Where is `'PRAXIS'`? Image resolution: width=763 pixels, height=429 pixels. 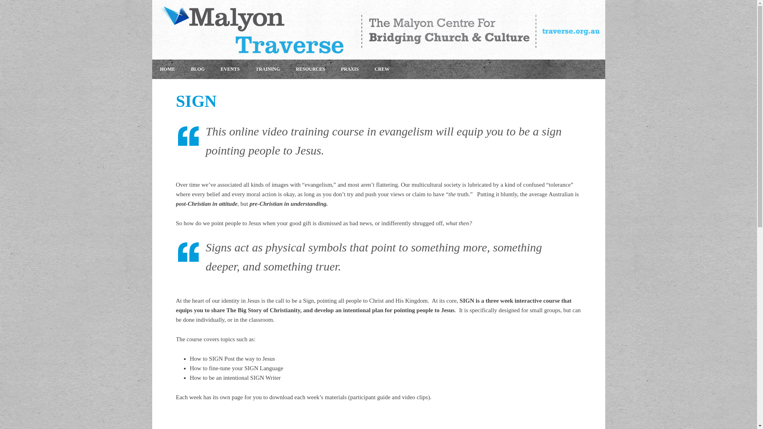
'PRAXIS' is located at coordinates (350, 69).